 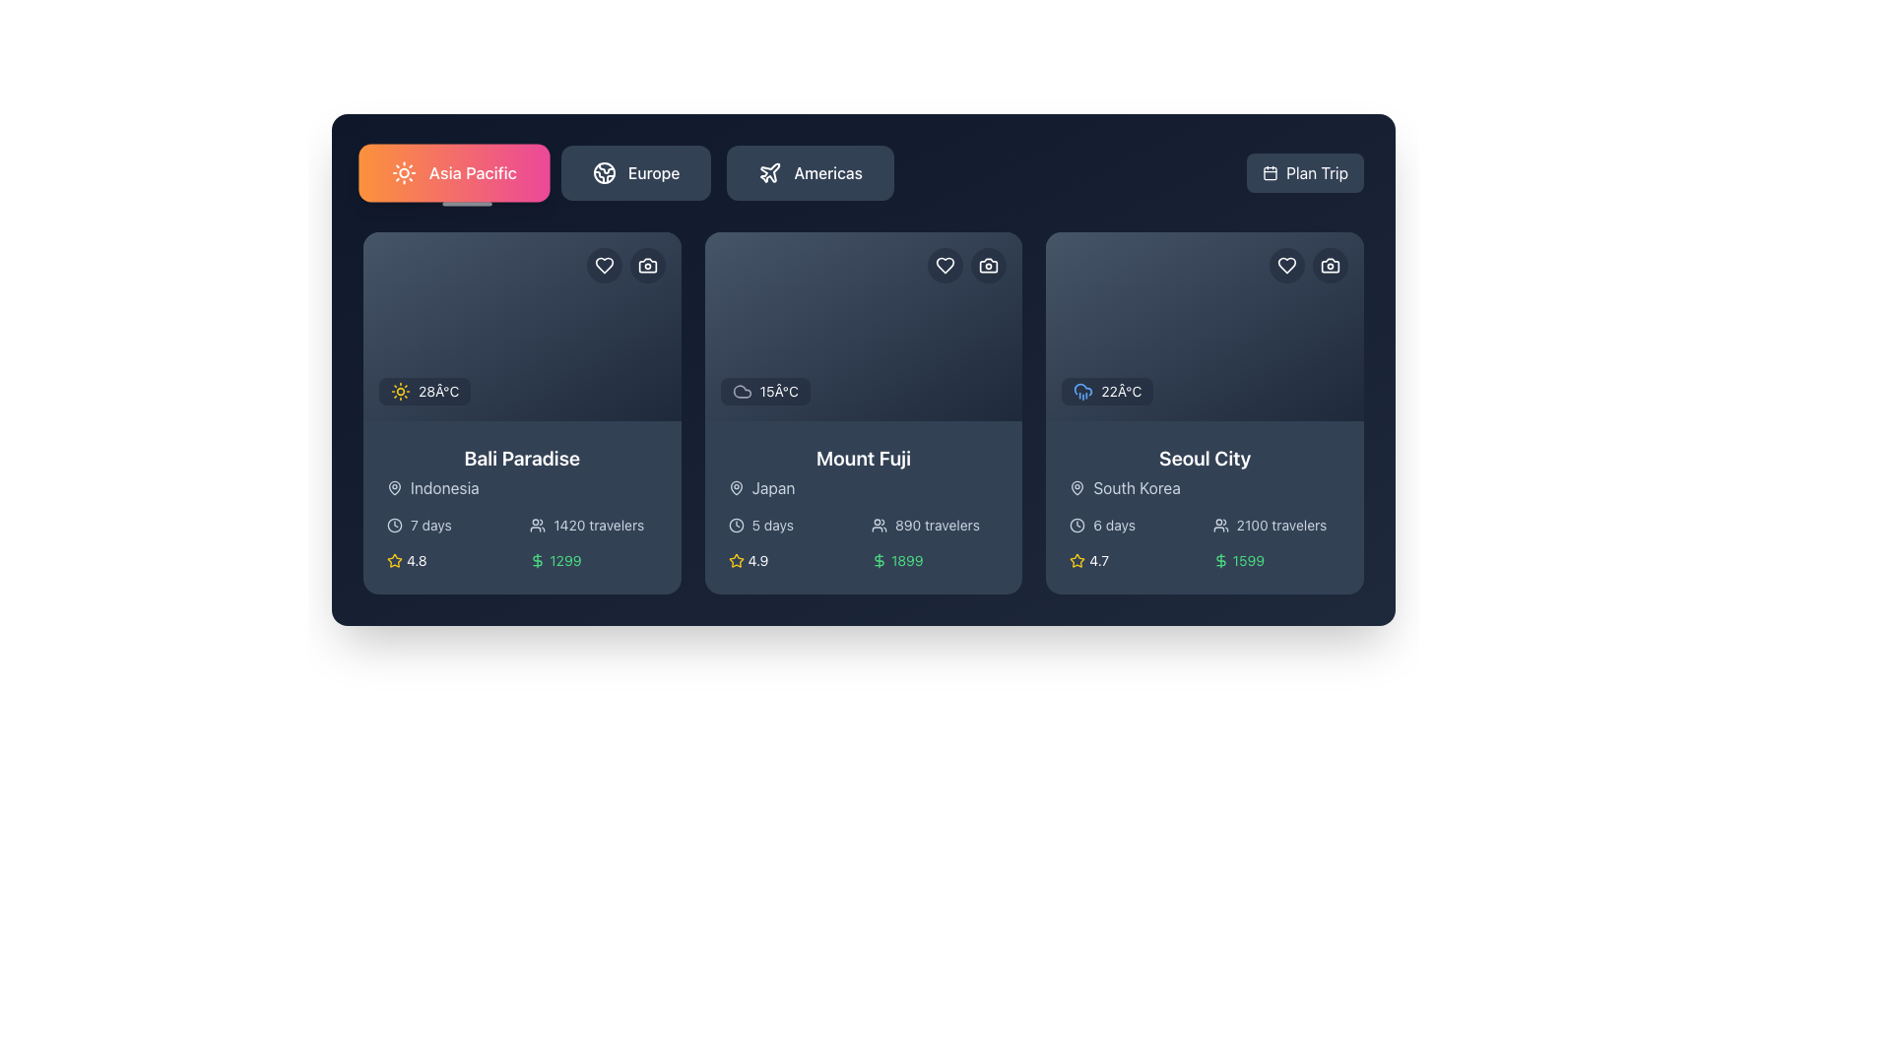 What do you see at coordinates (1204, 487) in the screenshot?
I see `the 'South Korea' text label with a pin icon located under the 'Seoul City' card in the third column of the layout` at bounding box center [1204, 487].